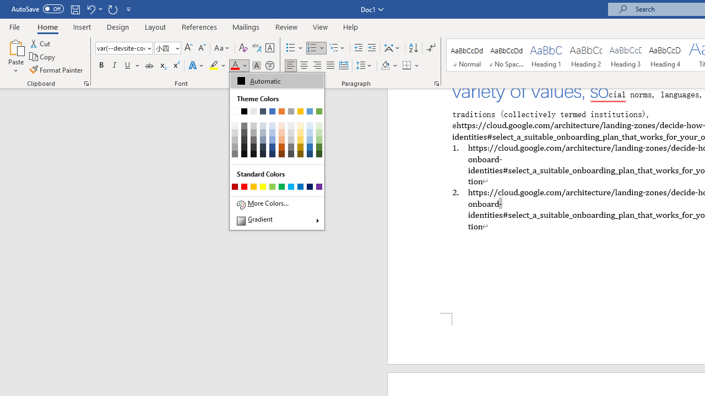 The image size is (705, 396). Describe the element at coordinates (94, 9) in the screenshot. I see `'Undo Paragraph Alignment'` at that location.